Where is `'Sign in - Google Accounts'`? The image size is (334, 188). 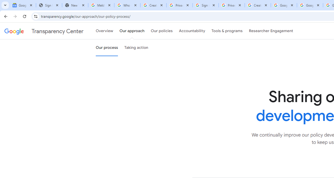
'Sign in - Google Accounts' is located at coordinates (205, 5).